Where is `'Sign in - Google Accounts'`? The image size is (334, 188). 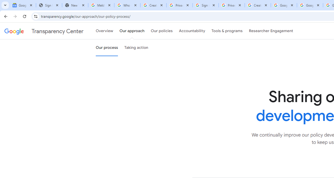
'Sign in - Google Accounts' is located at coordinates (205, 5).